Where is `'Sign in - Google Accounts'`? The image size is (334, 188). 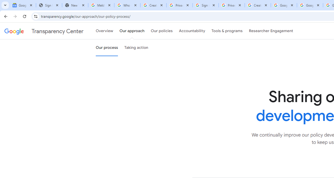
'Sign in - Google Accounts' is located at coordinates (205, 5).